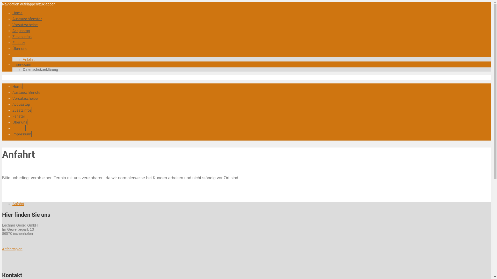  What do you see at coordinates (12, 36) in the screenshot?
I see `'Zusatzinfos'` at bounding box center [12, 36].